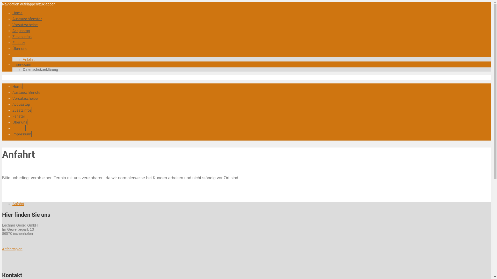  What do you see at coordinates (12, 36) in the screenshot?
I see `'Zusatzinfos'` at bounding box center [12, 36].